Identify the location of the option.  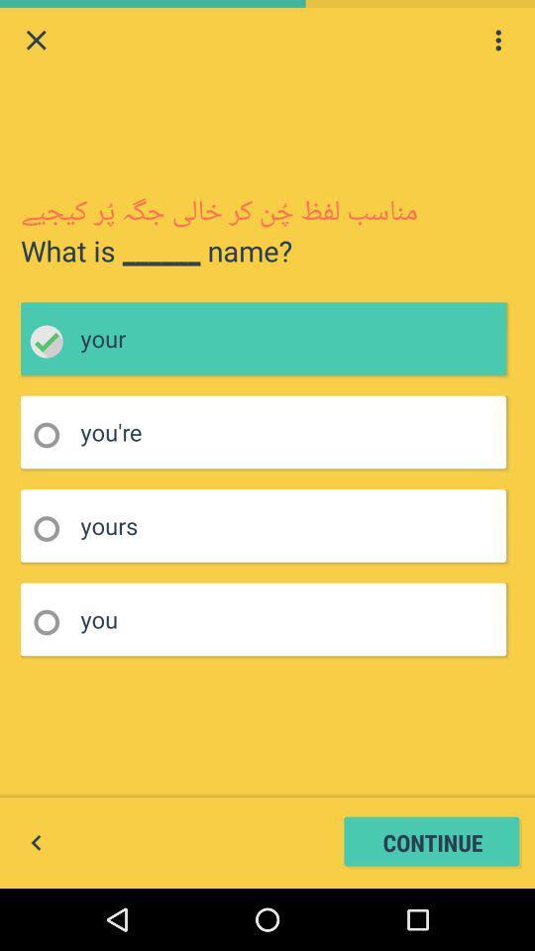
(53, 621).